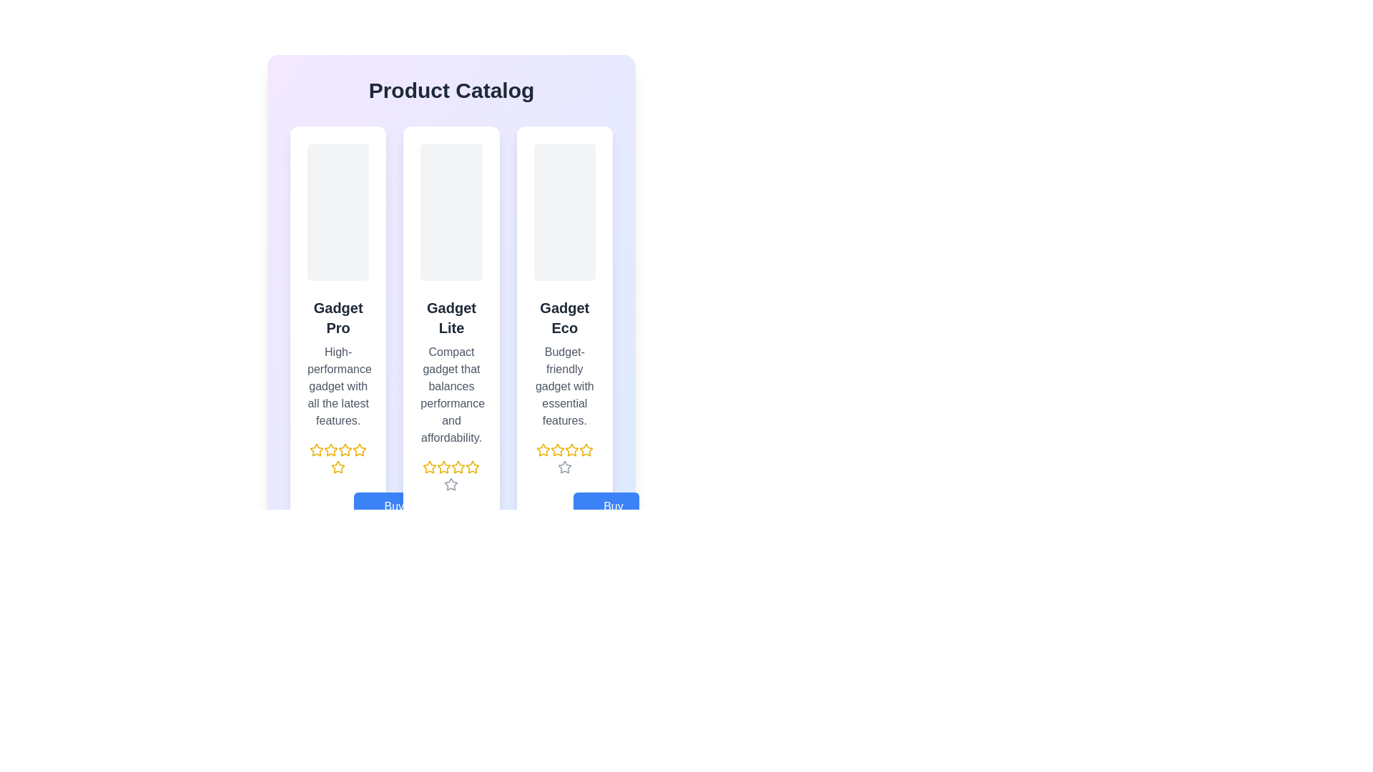 The image size is (1373, 772). Describe the element at coordinates (613, 515) in the screenshot. I see `text 'Buy Now' from the button which is styled in a clean sans-serif font on a blue rectangular background, indicating its function as an interactive button` at that location.